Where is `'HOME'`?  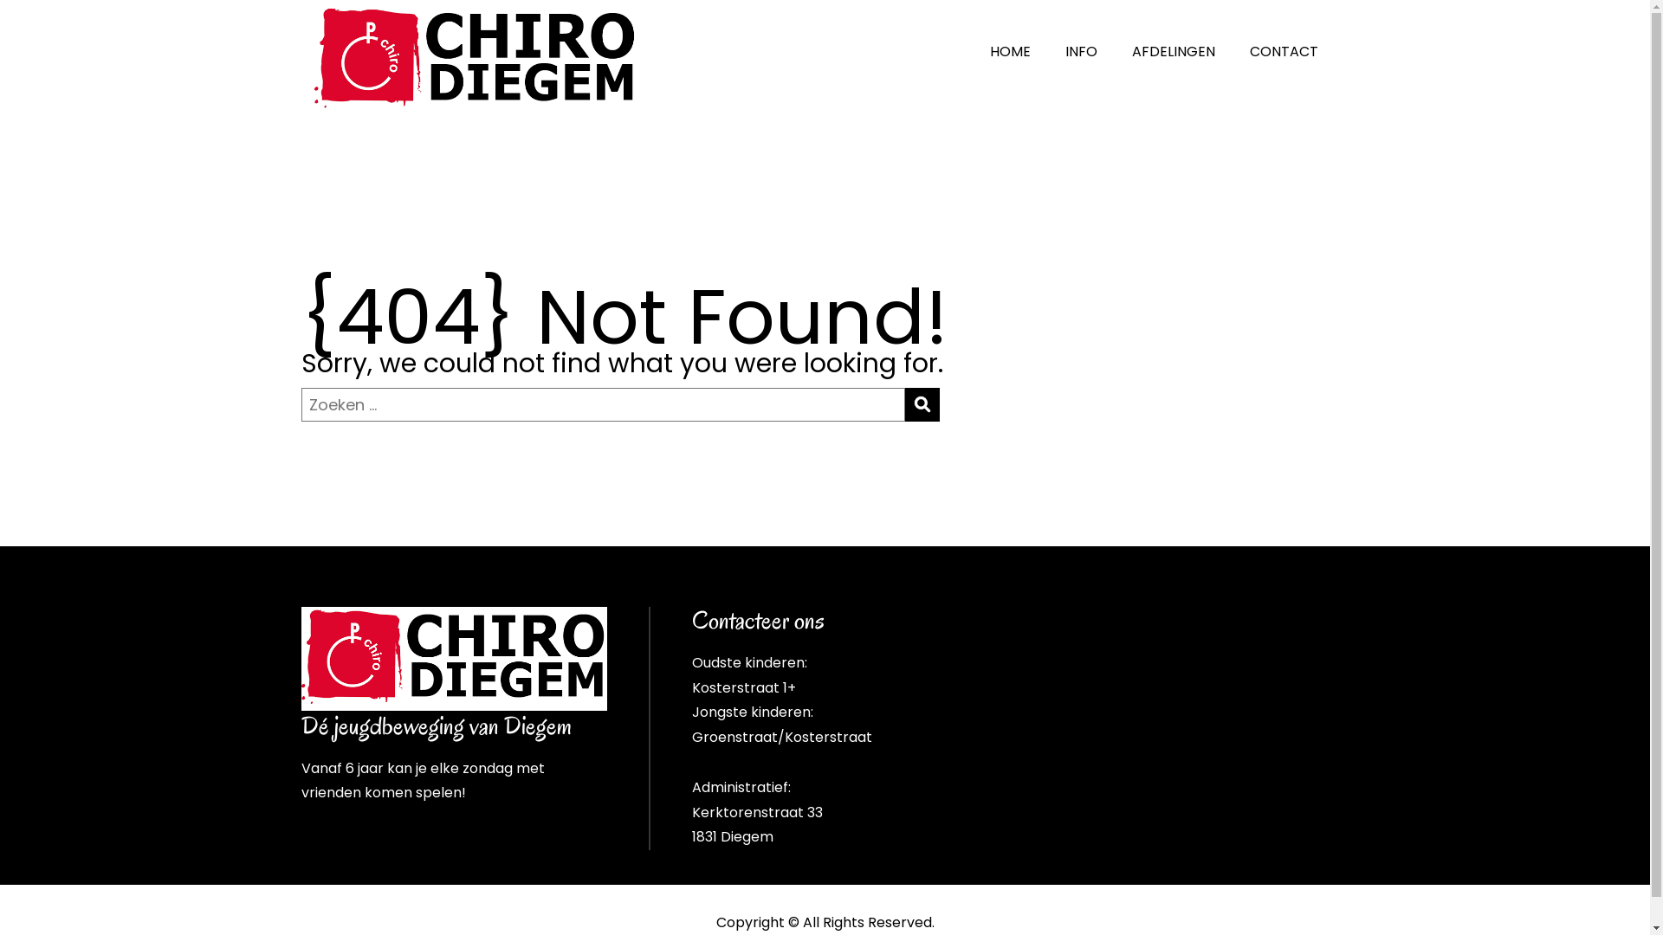
'HOME' is located at coordinates (1010, 51).